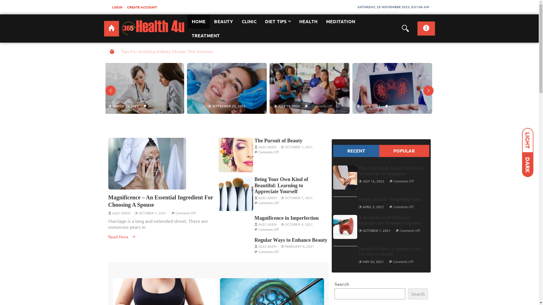 This screenshot has height=305, width=543. I want to click on 'POPULAR', so click(404, 151).